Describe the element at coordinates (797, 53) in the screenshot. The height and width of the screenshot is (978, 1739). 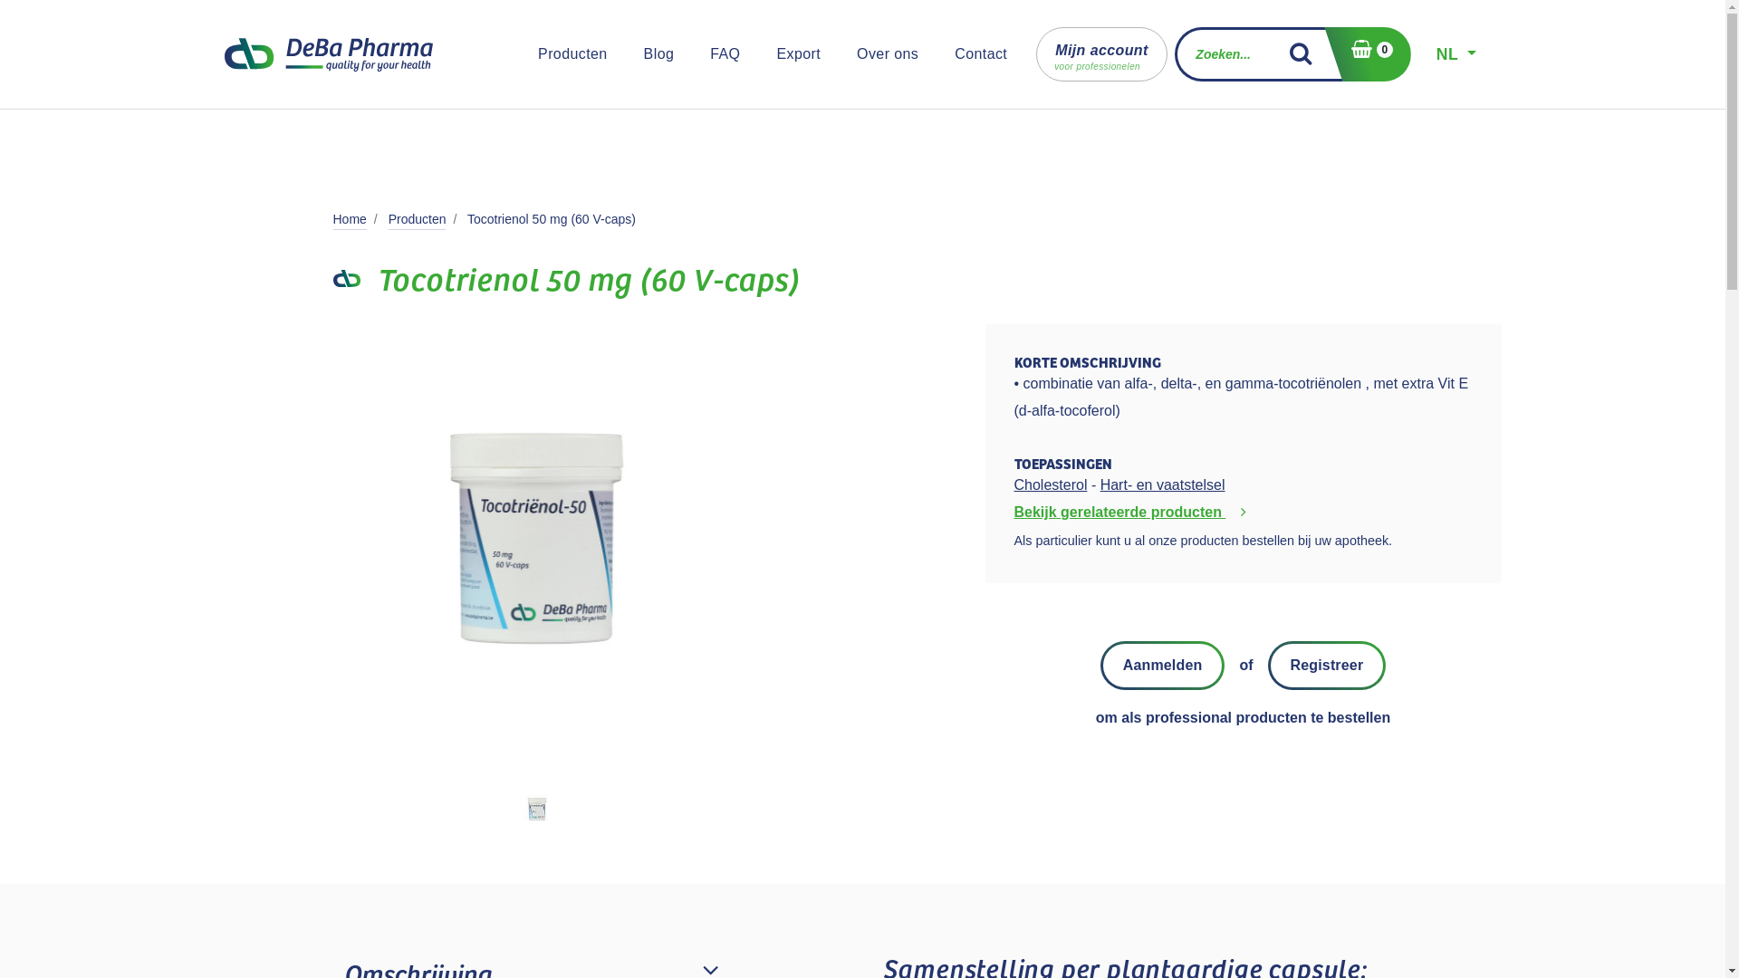
I see `'Export'` at that location.